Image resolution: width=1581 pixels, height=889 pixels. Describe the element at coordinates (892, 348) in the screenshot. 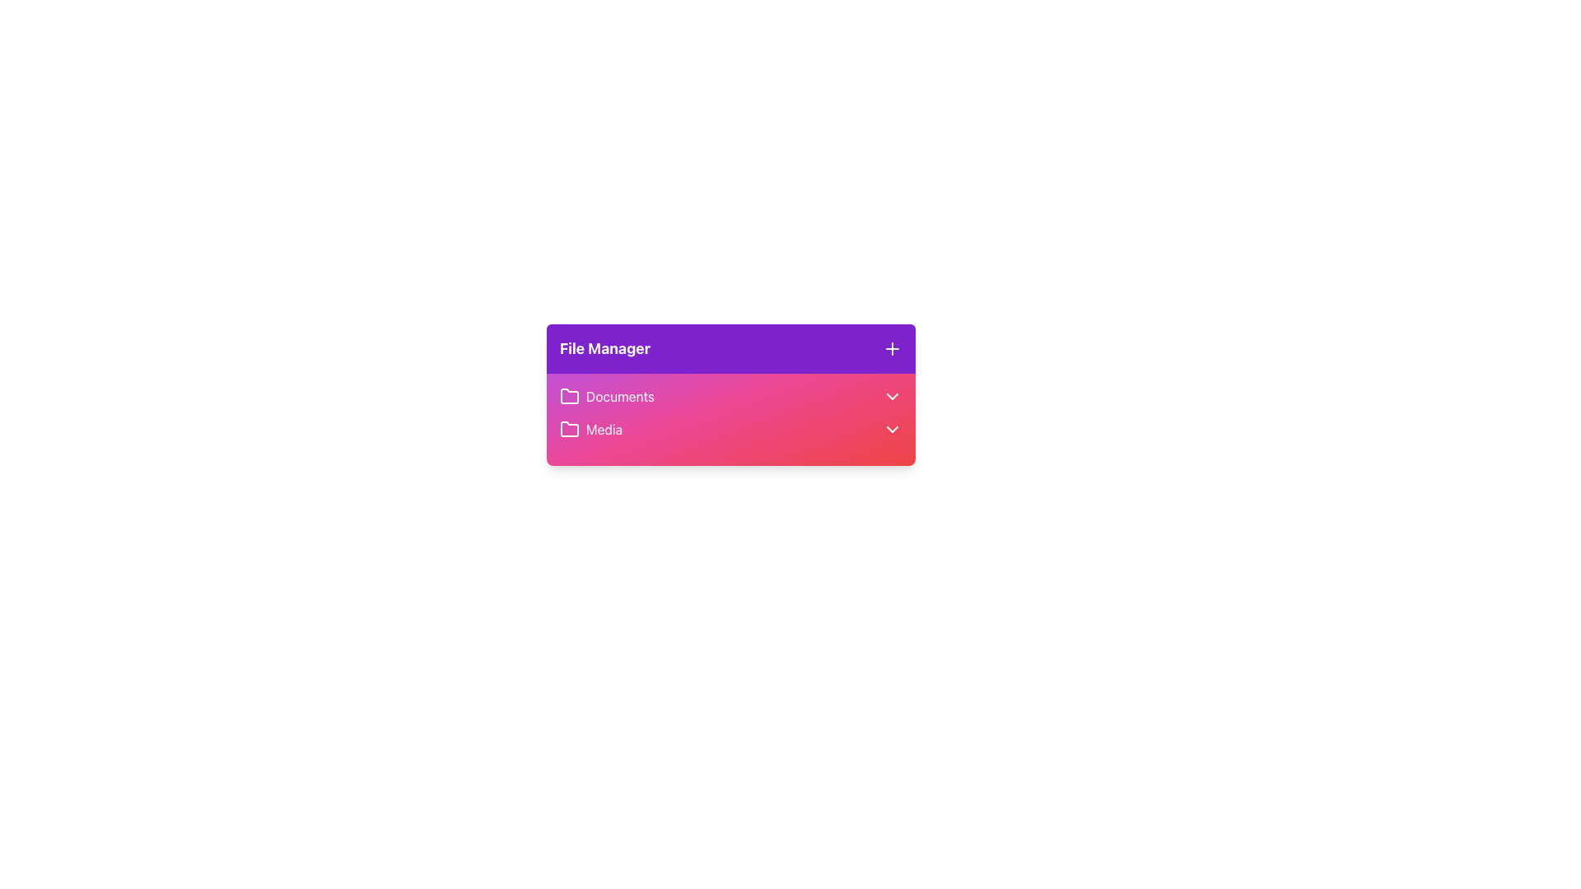

I see `the plus/add Icon button located in the top-right corner of the purple header labeled 'File Manager'` at that location.